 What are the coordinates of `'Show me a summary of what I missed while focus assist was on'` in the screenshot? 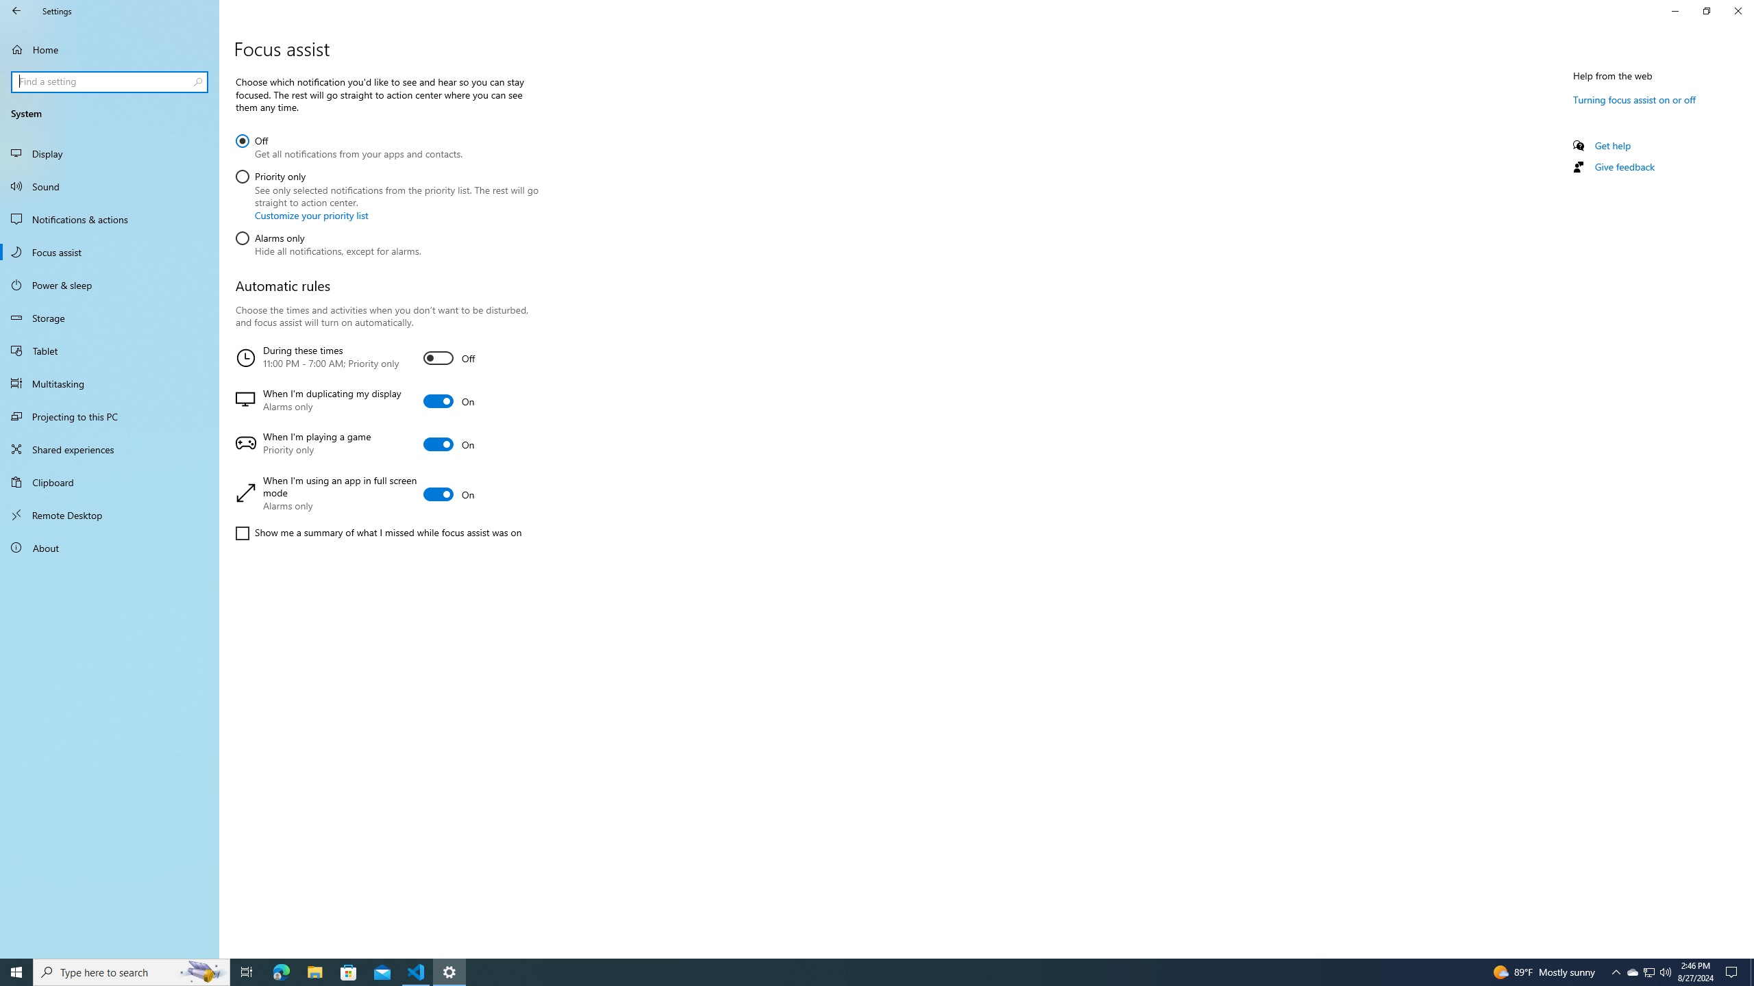 It's located at (378, 533).